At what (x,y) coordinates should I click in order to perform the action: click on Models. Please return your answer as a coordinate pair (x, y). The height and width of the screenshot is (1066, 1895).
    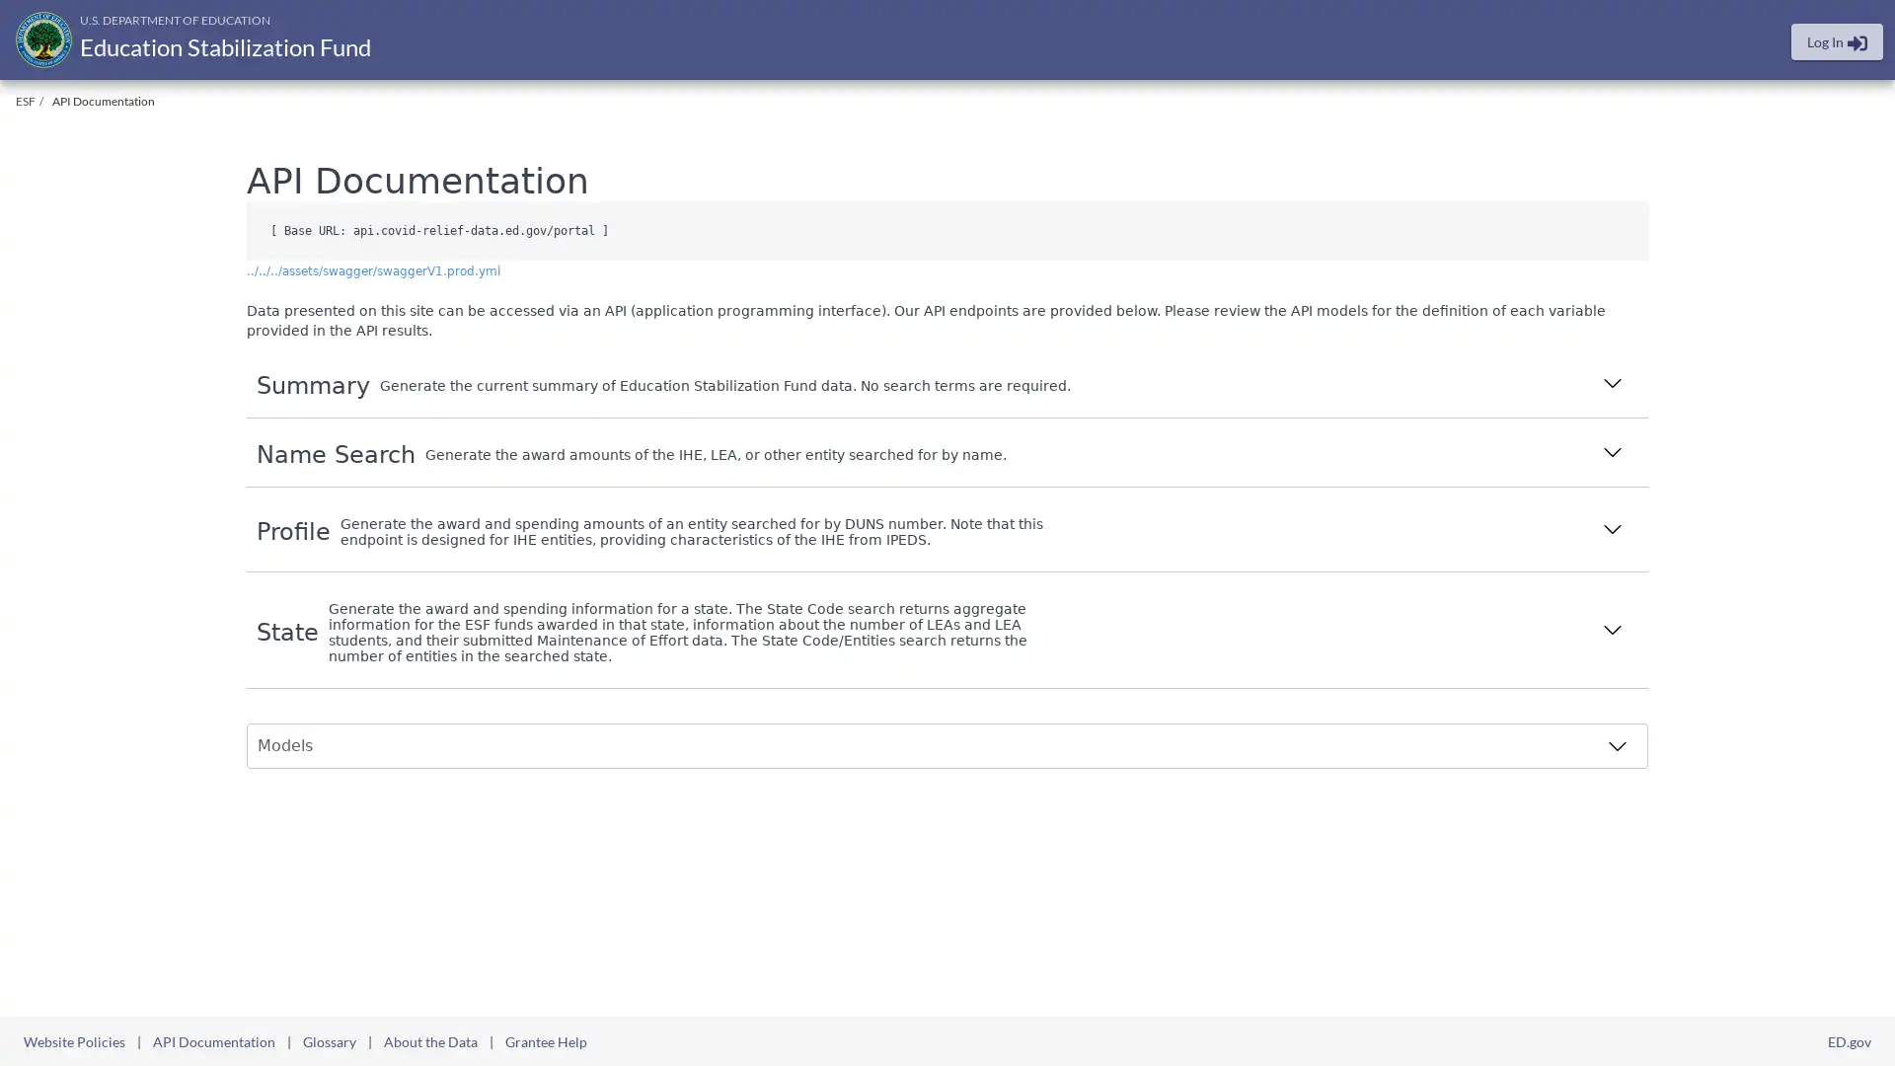
    Looking at the image, I should click on (942, 746).